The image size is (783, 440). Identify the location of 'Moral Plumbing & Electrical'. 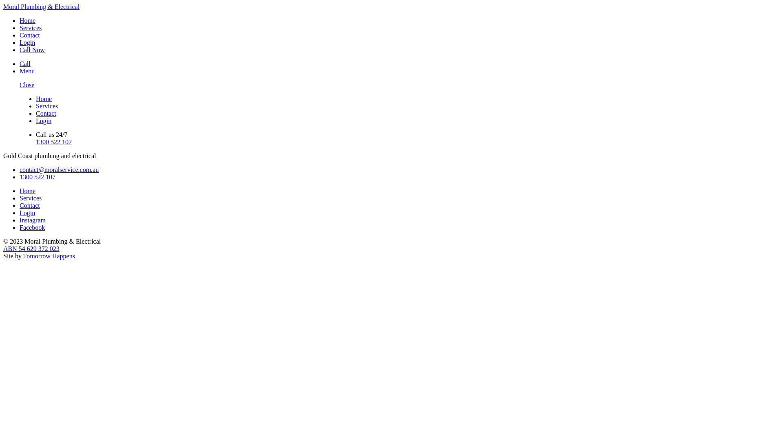
(3, 7).